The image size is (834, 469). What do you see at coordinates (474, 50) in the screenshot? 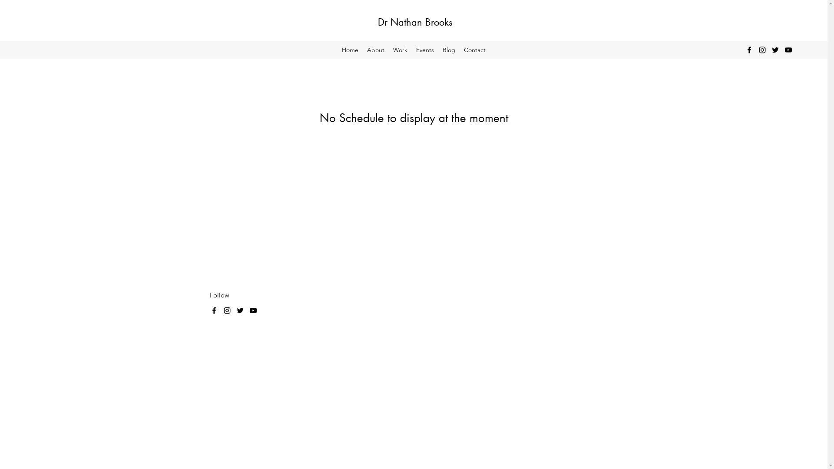
I see `'Contact'` at bounding box center [474, 50].